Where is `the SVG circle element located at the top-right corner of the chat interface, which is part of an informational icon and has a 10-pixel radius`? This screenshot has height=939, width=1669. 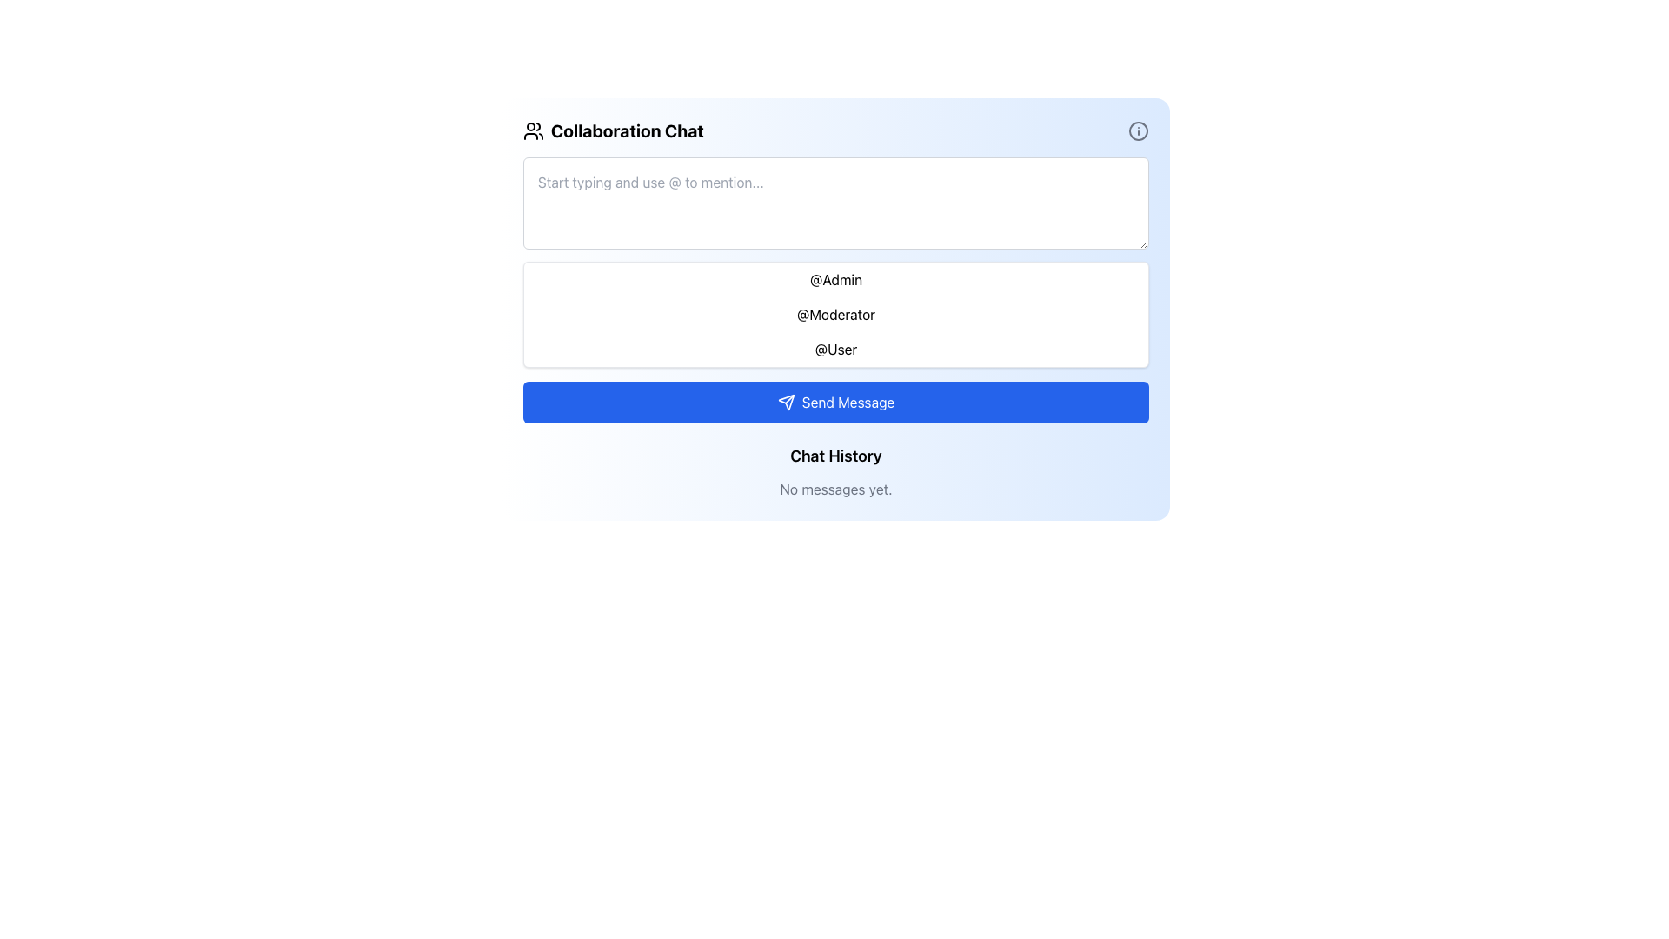
the SVG circle element located at the top-right corner of the chat interface, which is part of an informational icon and has a 10-pixel radius is located at coordinates (1139, 130).